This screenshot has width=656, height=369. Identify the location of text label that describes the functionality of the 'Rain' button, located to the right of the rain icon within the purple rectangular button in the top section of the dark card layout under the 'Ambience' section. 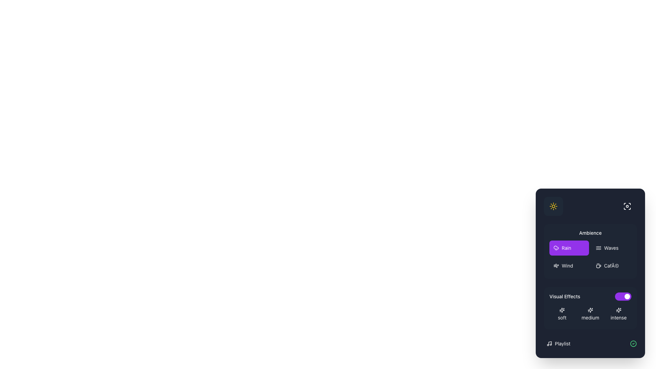
(566, 248).